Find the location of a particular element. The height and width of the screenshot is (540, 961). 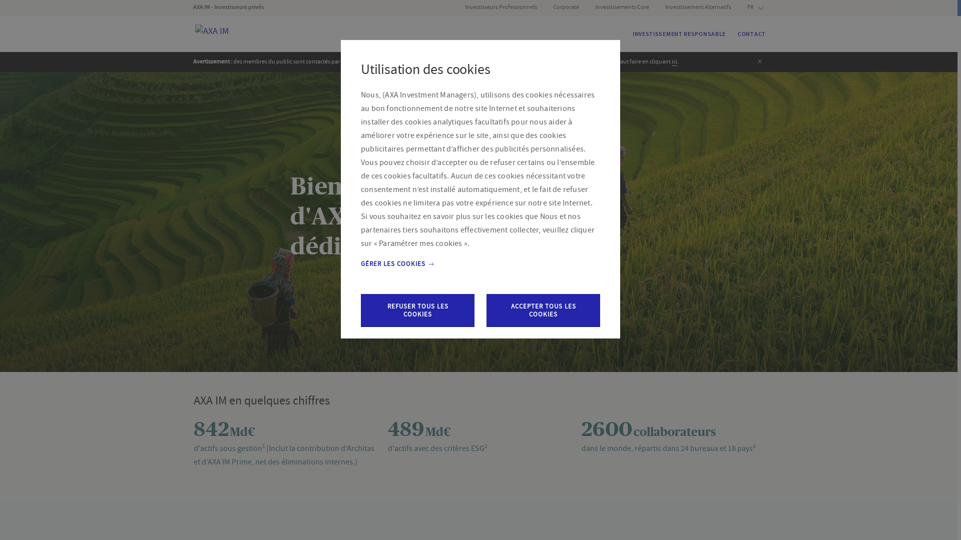

'Investissement Alternatifs' is located at coordinates (698, 7).